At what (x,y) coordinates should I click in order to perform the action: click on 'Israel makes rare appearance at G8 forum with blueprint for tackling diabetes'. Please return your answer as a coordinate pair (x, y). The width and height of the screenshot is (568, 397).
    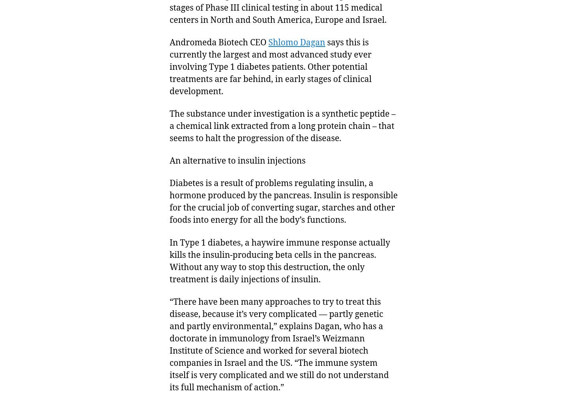
    Looking at the image, I should click on (350, 98).